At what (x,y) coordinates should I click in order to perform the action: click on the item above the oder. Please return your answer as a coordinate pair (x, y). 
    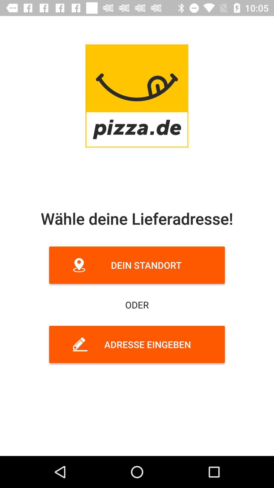
    Looking at the image, I should click on (137, 265).